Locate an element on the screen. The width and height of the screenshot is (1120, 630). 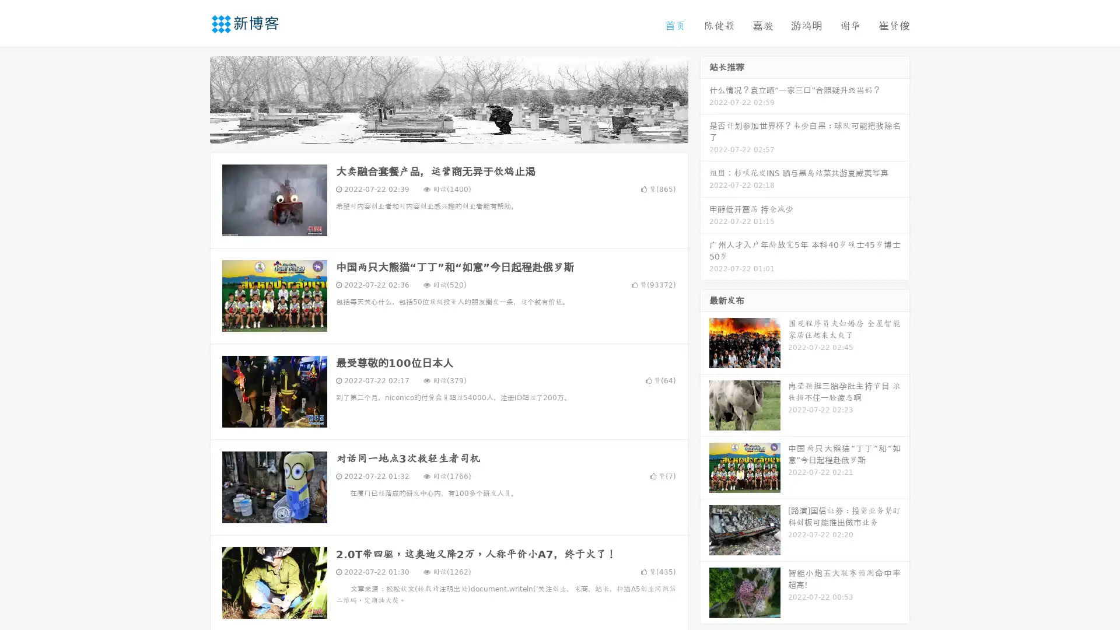
Go to slide 3 is located at coordinates (460, 131).